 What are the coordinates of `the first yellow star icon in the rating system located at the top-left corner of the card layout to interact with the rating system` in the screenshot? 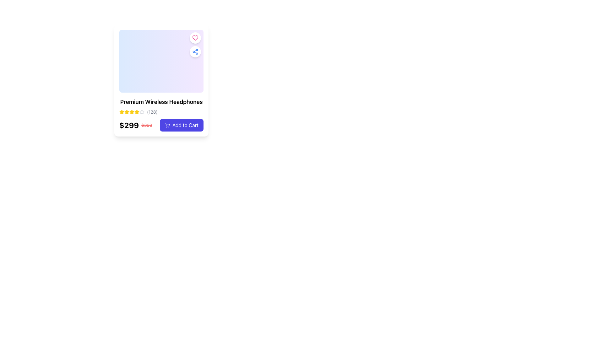 It's located at (126, 111).